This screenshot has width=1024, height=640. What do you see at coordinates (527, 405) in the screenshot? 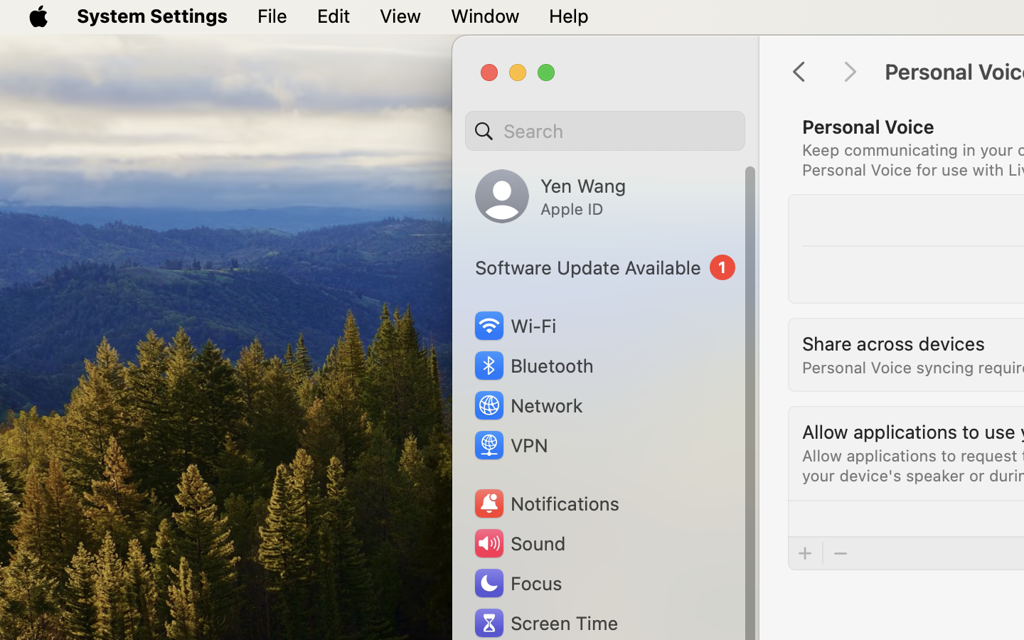
I see `'Network'` at bounding box center [527, 405].